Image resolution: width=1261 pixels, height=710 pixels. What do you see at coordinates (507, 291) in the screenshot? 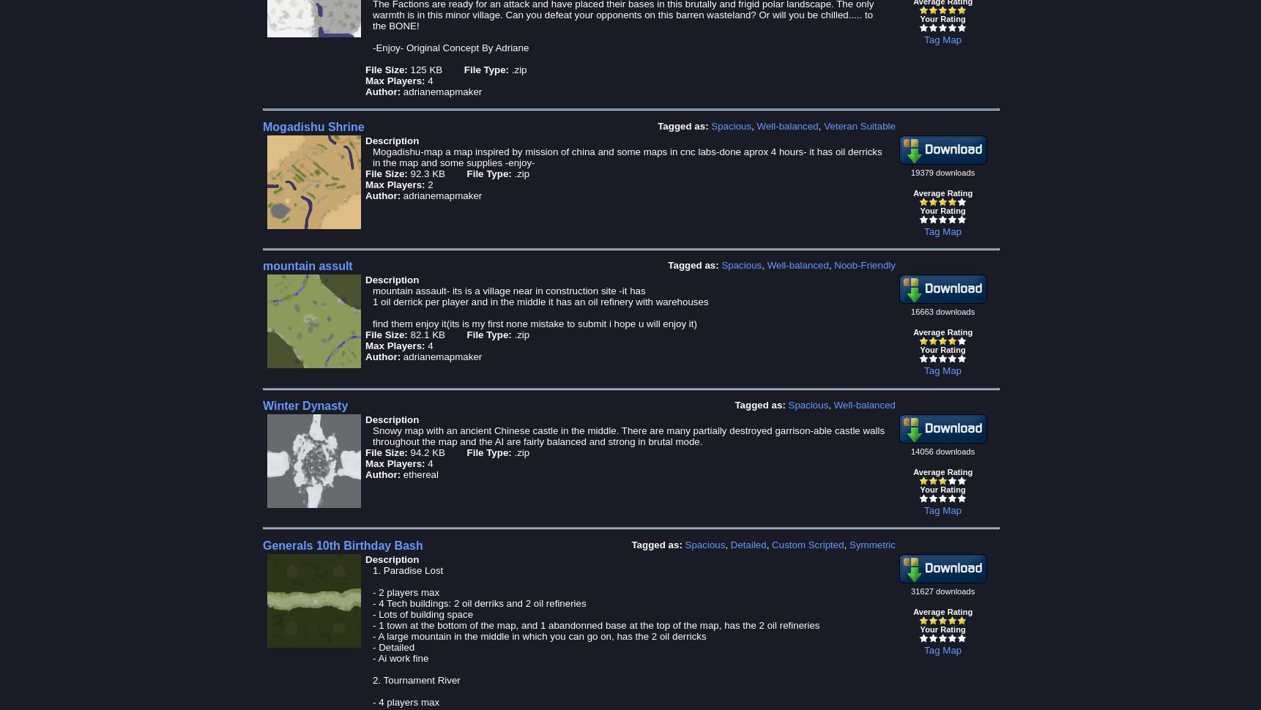
I see `'mountain assault- its is a village near in construction site -it has'` at bounding box center [507, 291].